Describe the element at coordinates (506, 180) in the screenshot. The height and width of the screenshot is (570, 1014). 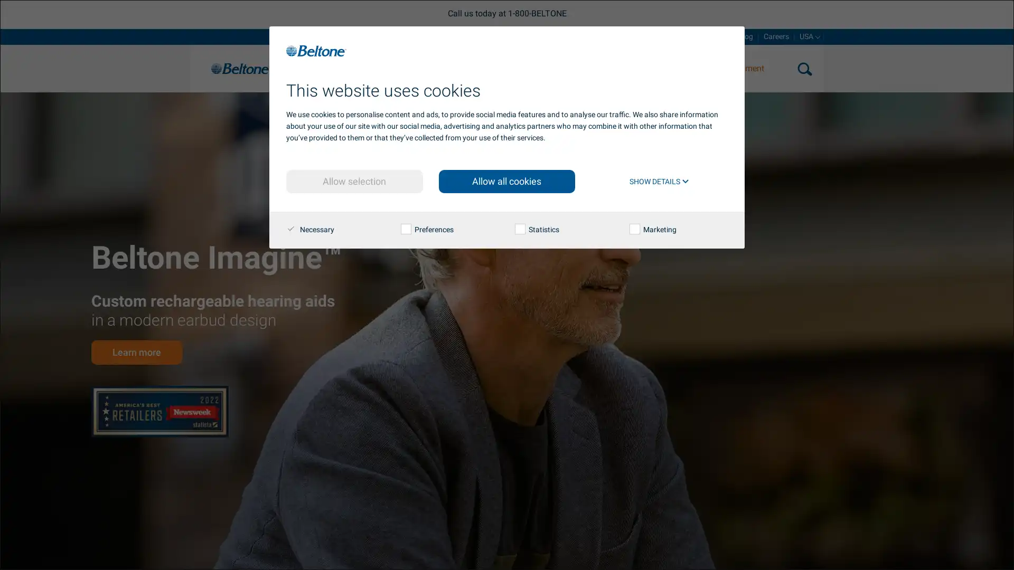
I see `Allow all cookies` at that location.